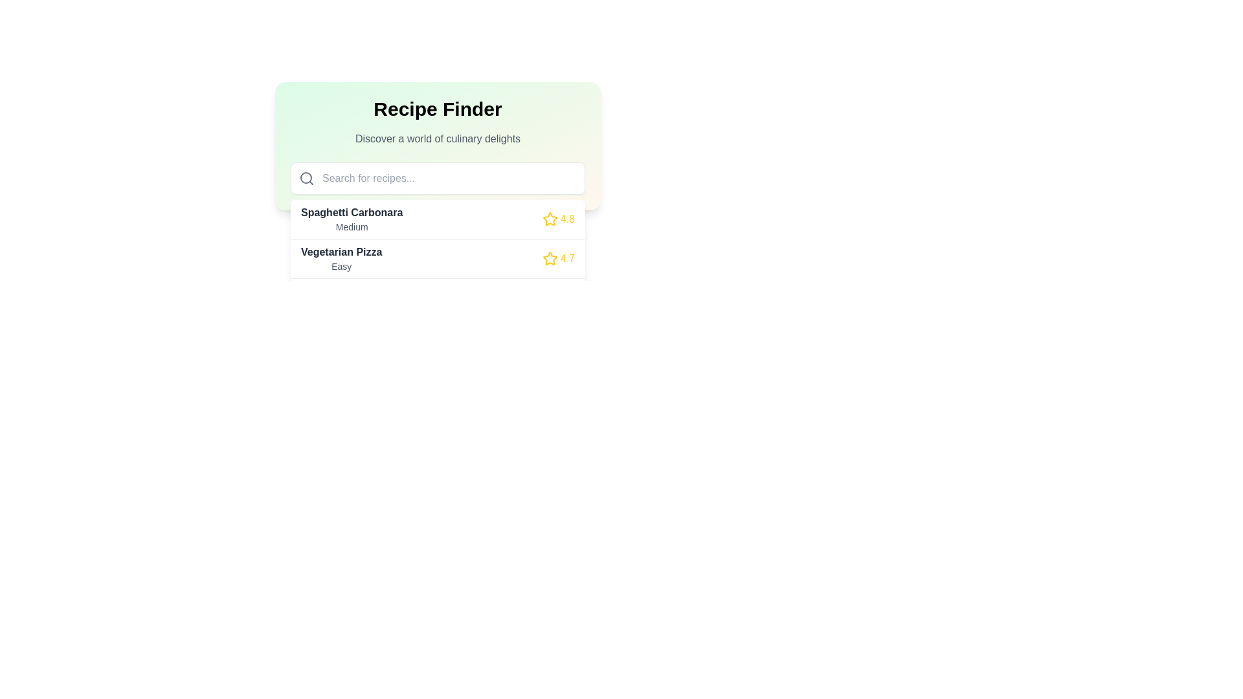 The width and height of the screenshot is (1243, 699). I want to click on the second item in the dropdown menu representing a selectable recipe option, so click(438, 259).